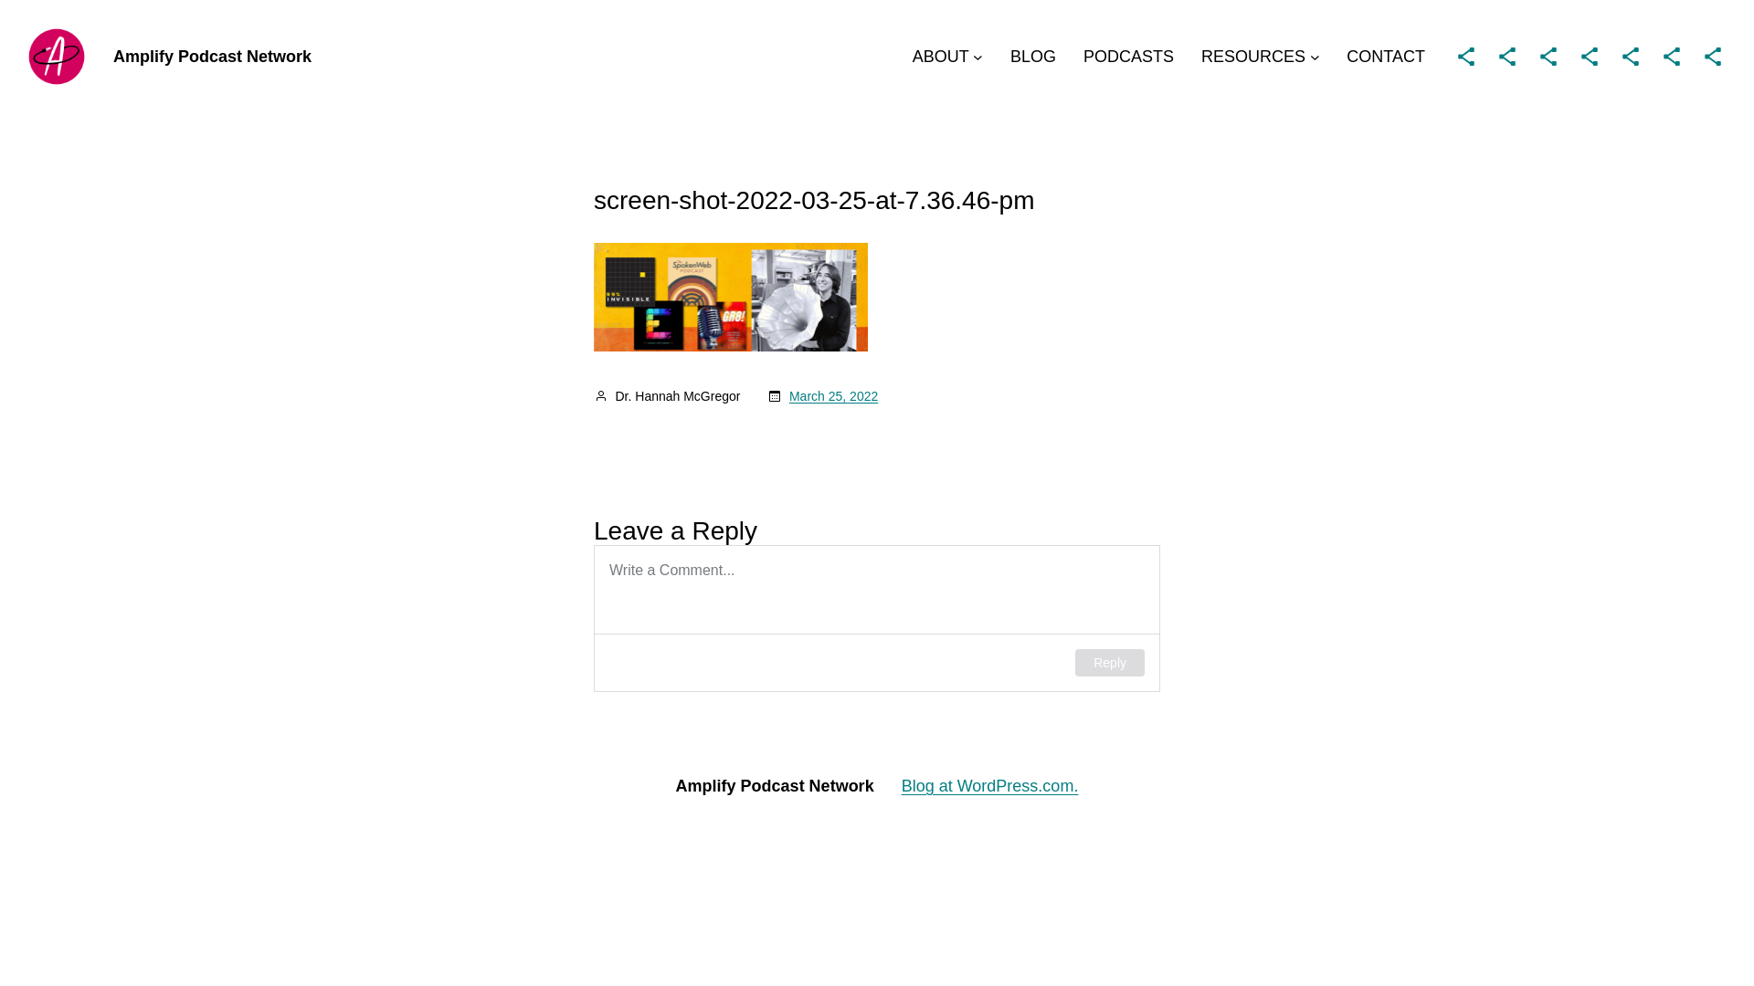 This screenshot has height=986, width=1754. Describe the element at coordinates (1712, 55) in the screenshot. I see `'Share Icon'` at that location.